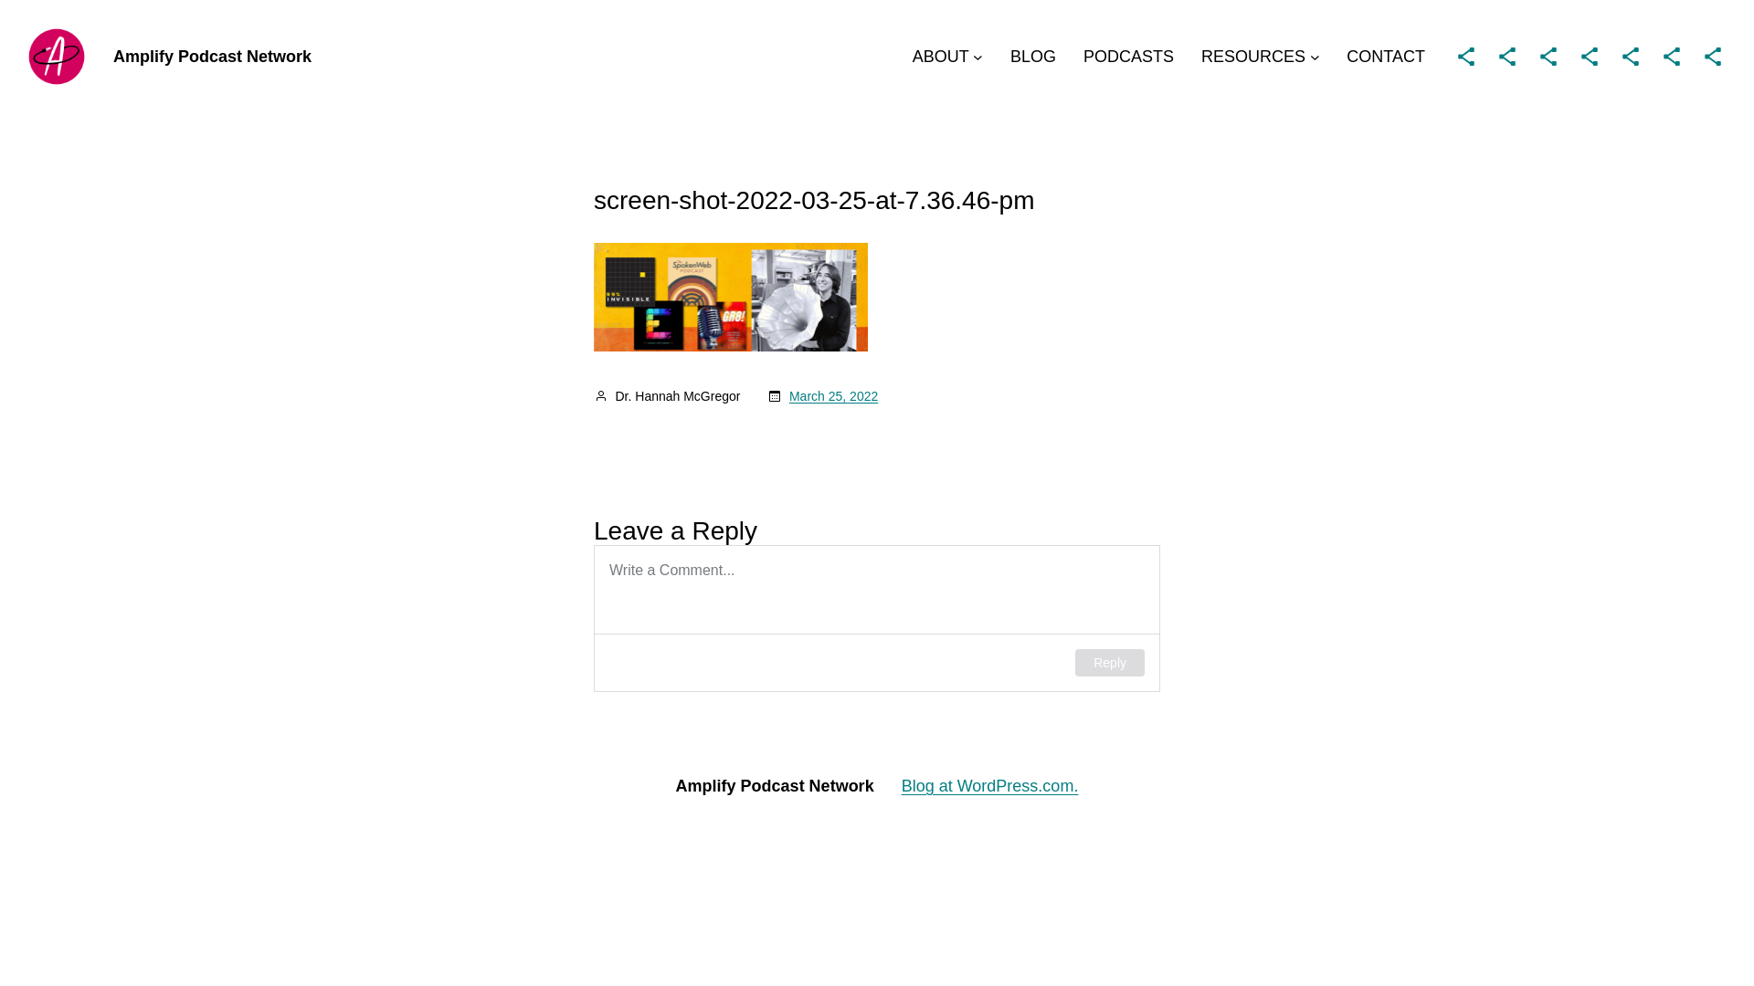 This screenshot has height=986, width=1754. Describe the element at coordinates (1712, 55) in the screenshot. I see `'Share Icon'` at that location.